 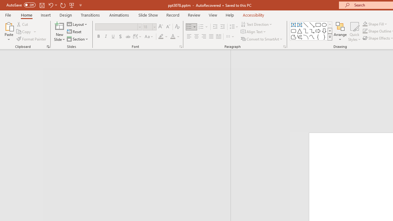 What do you see at coordinates (26, 32) in the screenshot?
I see `'Copy'` at bounding box center [26, 32].